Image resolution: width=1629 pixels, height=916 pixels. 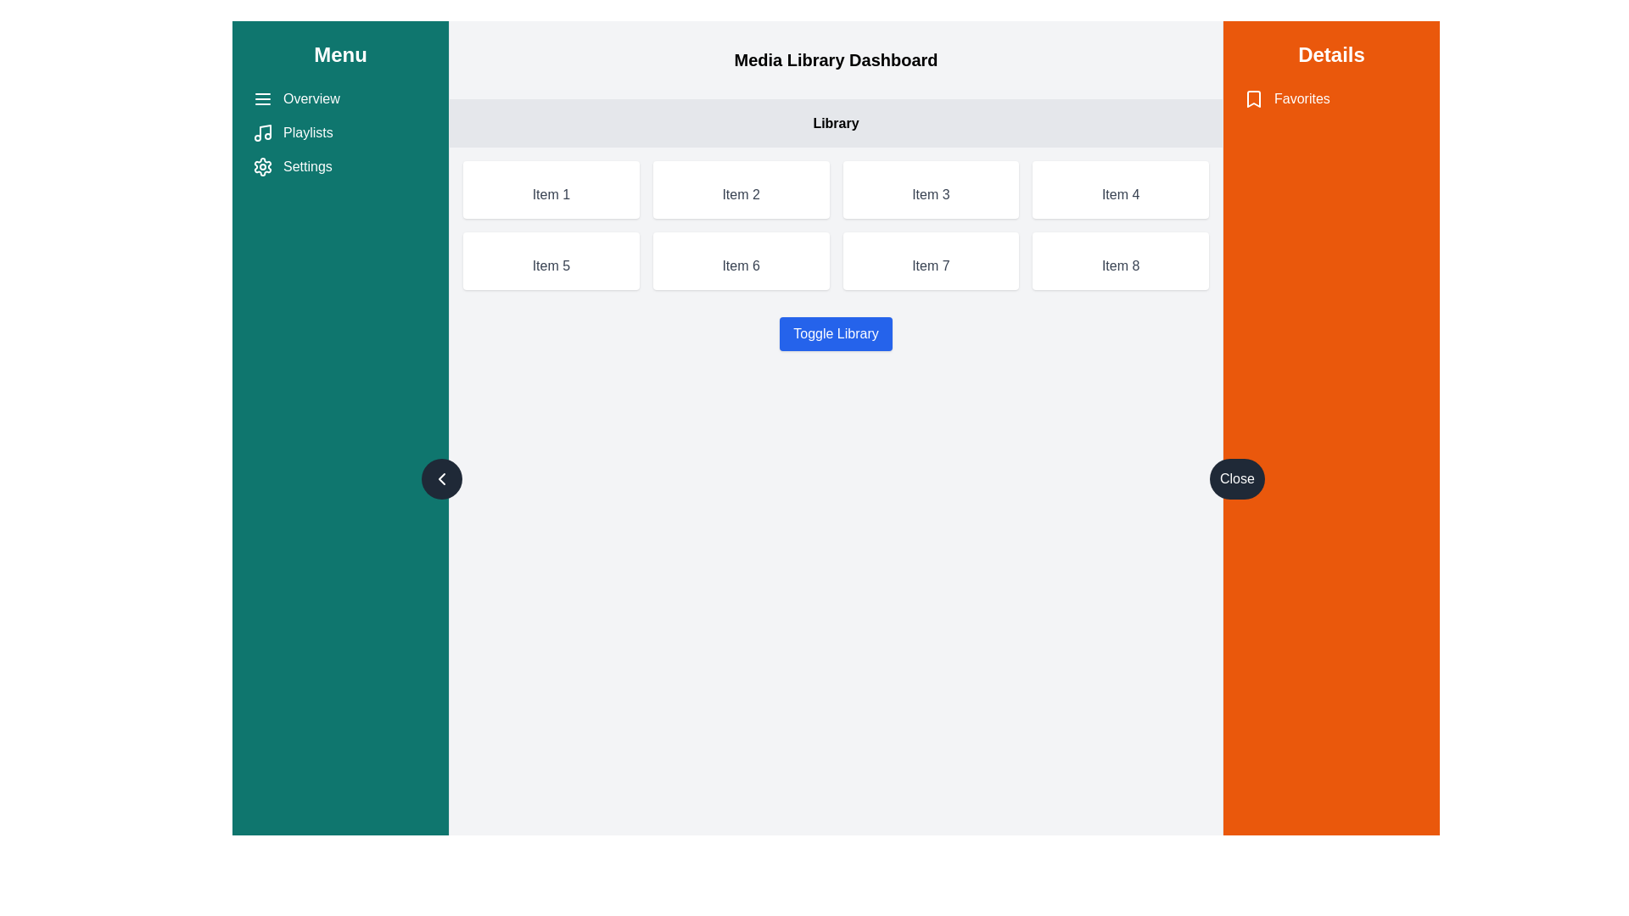 What do you see at coordinates (930, 265) in the screenshot?
I see `the static text label displaying 'Item 7', which is styled in dark gray and located in the second row, third column of a grid within a white card` at bounding box center [930, 265].